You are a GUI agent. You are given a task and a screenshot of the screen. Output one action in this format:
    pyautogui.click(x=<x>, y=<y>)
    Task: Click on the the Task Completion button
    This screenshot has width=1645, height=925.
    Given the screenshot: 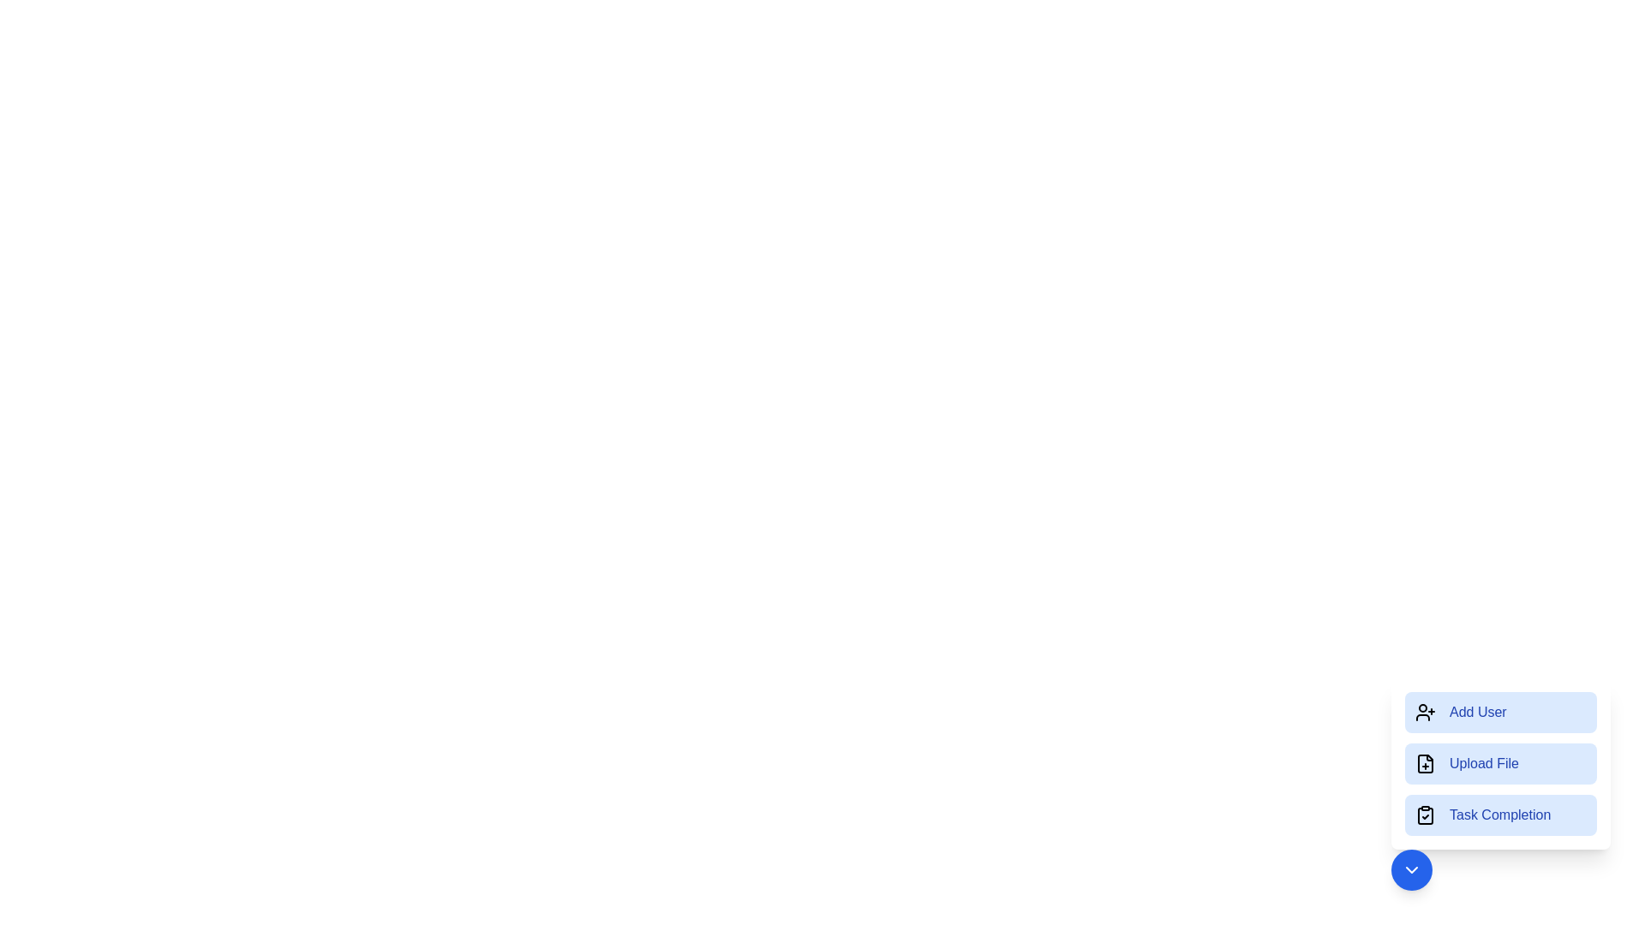 What is the action you would take?
    pyautogui.click(x=1500, y=815)
    